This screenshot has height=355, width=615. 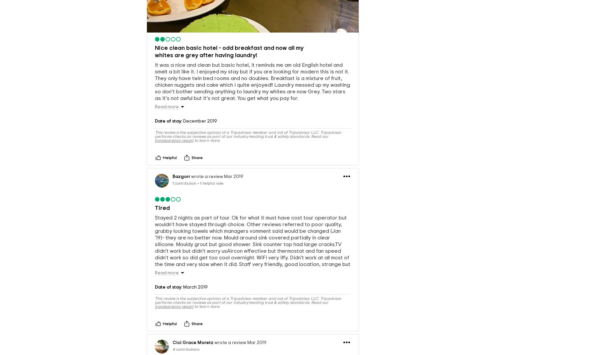 What do you see at coordinates (162, 208) in the screenshot?
I see `'Tired'` at bounding box center [162, 208].